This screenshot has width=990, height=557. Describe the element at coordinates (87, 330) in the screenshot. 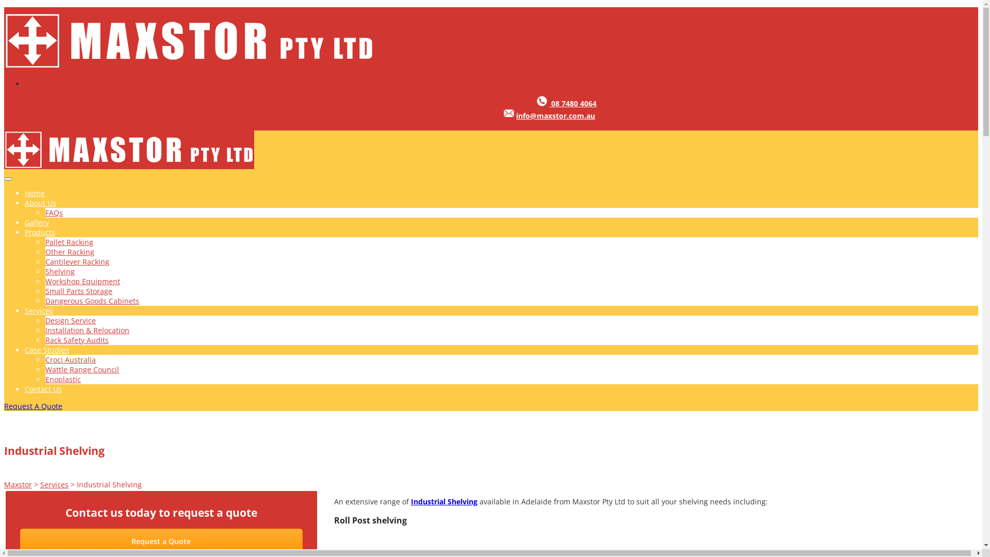

I see `'Installation & Relocation'` at that location.